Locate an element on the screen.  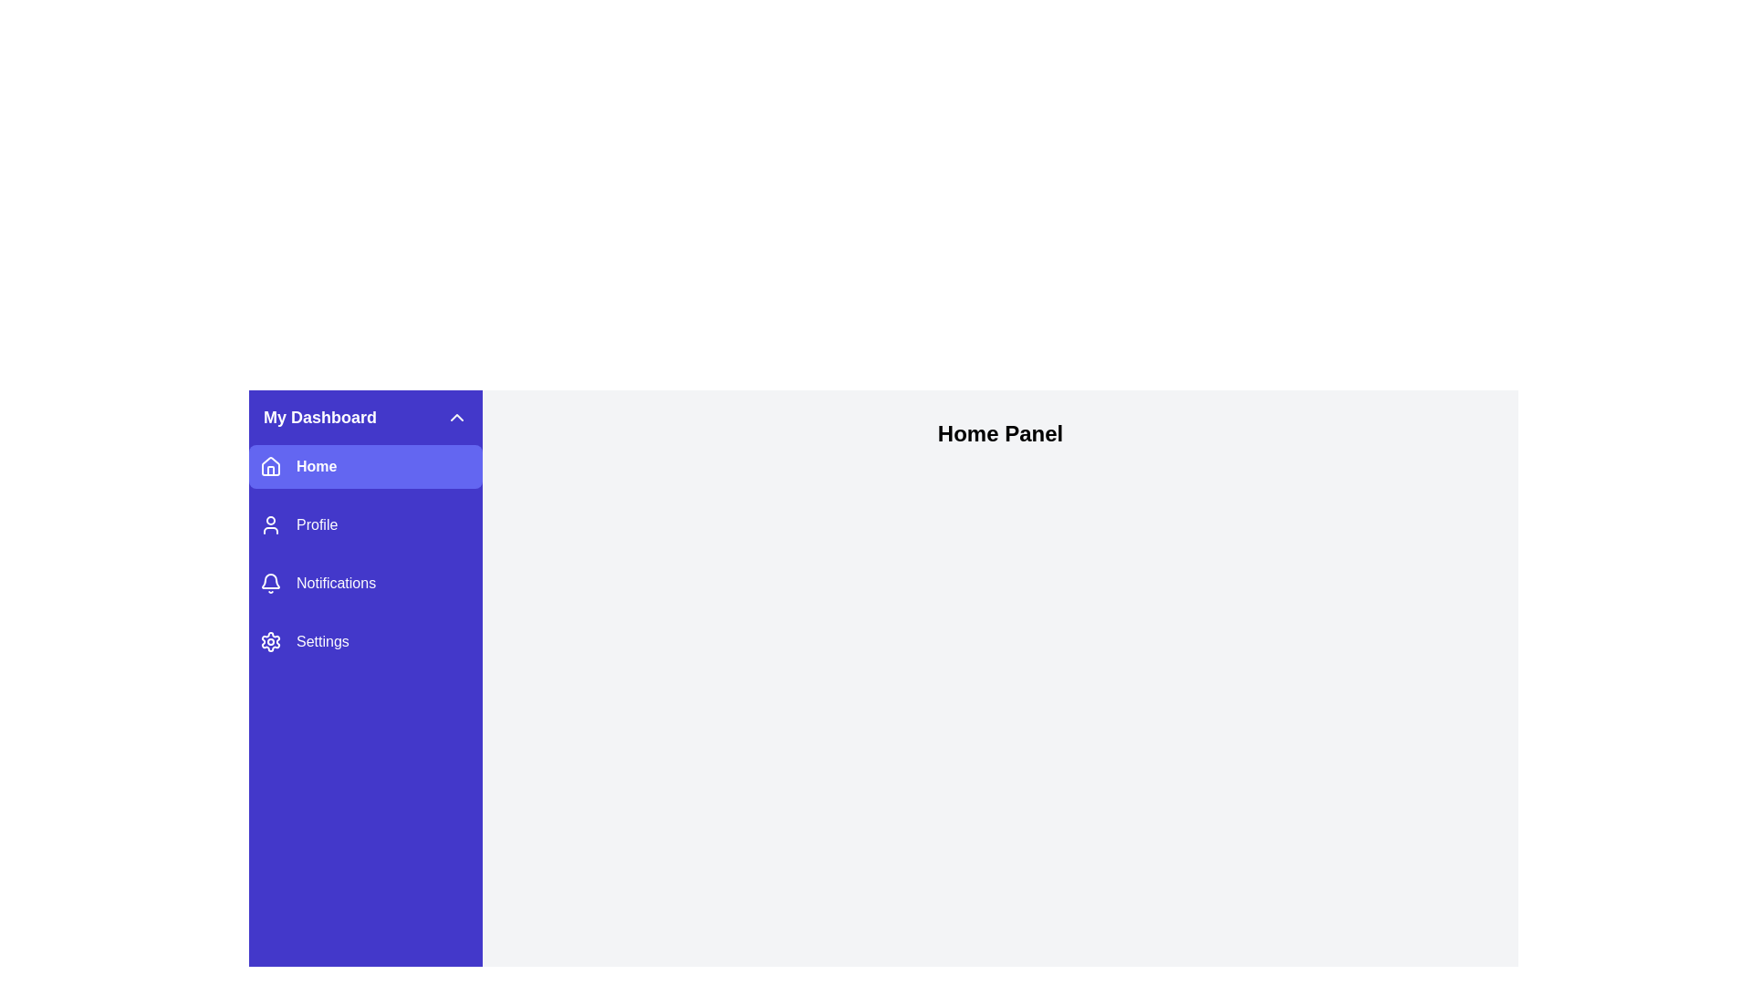
the header text that indicates the 'Home Panel', located in the upper-middle section of the interface is located at coordinates (999, 433).